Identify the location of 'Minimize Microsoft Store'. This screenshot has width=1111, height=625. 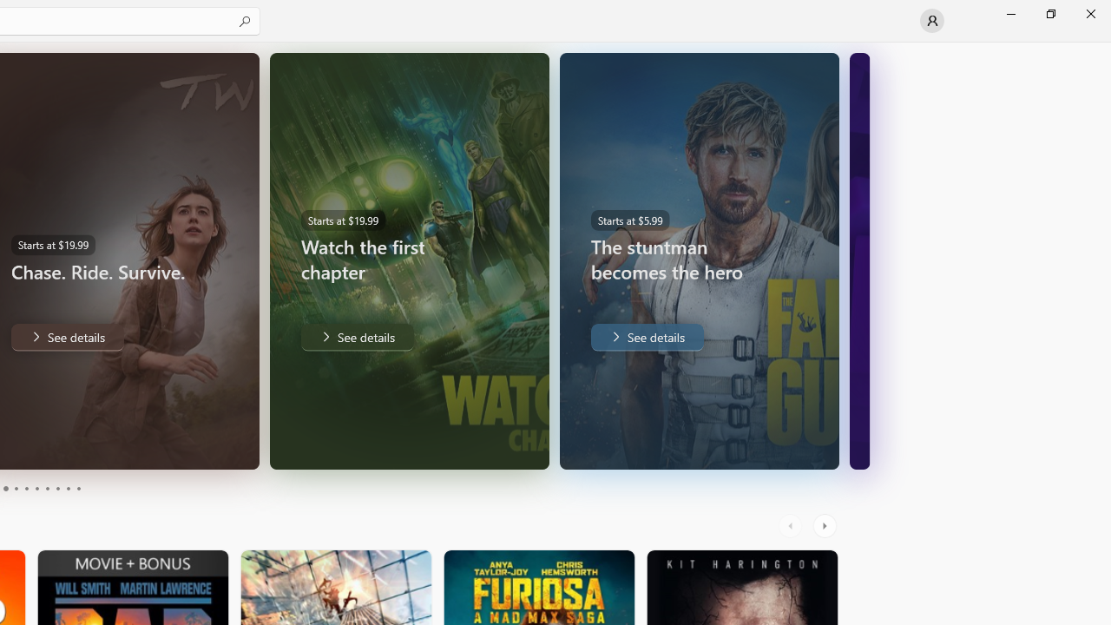
(1010, 13).